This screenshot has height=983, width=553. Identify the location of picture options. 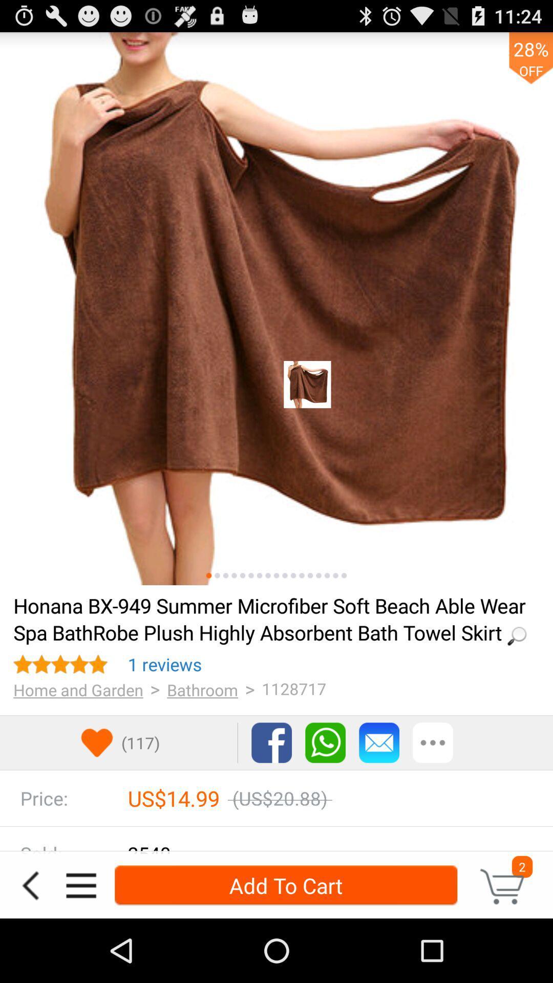
(234, 575).